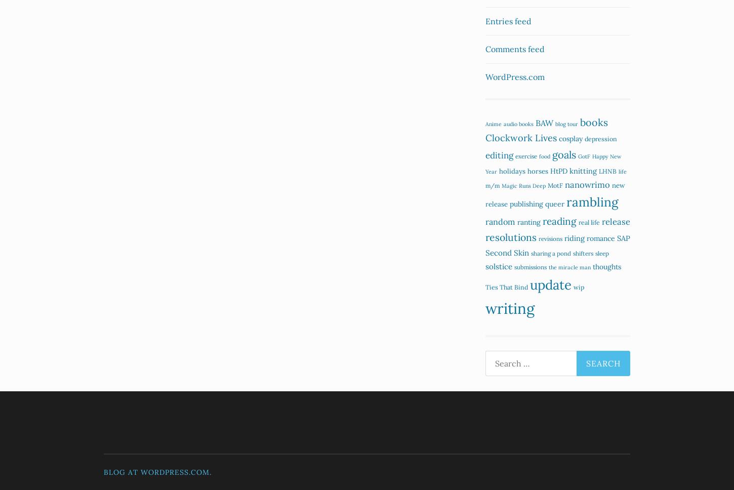 The image size is (734, 490). I want to click on 'food', so click(545, 155).